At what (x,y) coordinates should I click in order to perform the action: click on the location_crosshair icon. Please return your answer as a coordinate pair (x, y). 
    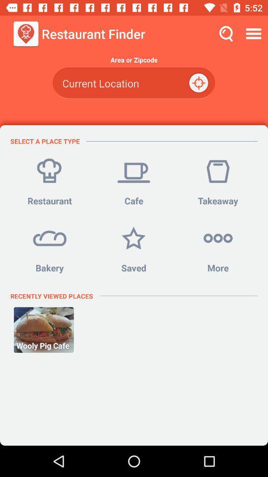
    Looking at the image, I should click on (200, 82).